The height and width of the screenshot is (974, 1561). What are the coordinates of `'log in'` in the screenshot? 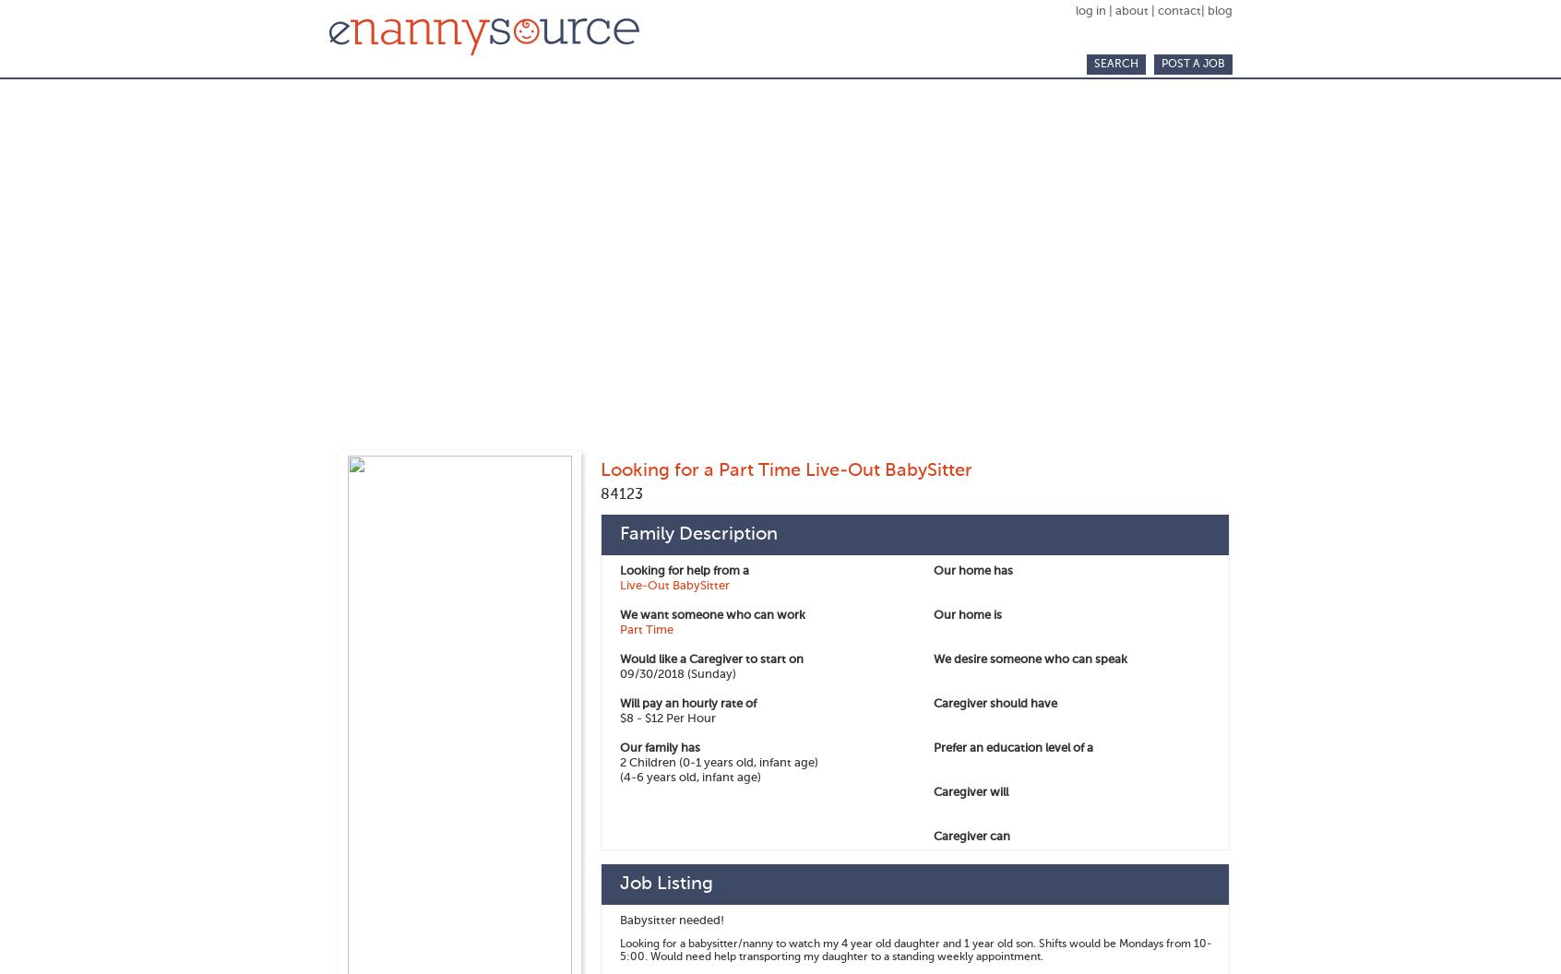 It's located at (1091, 11).